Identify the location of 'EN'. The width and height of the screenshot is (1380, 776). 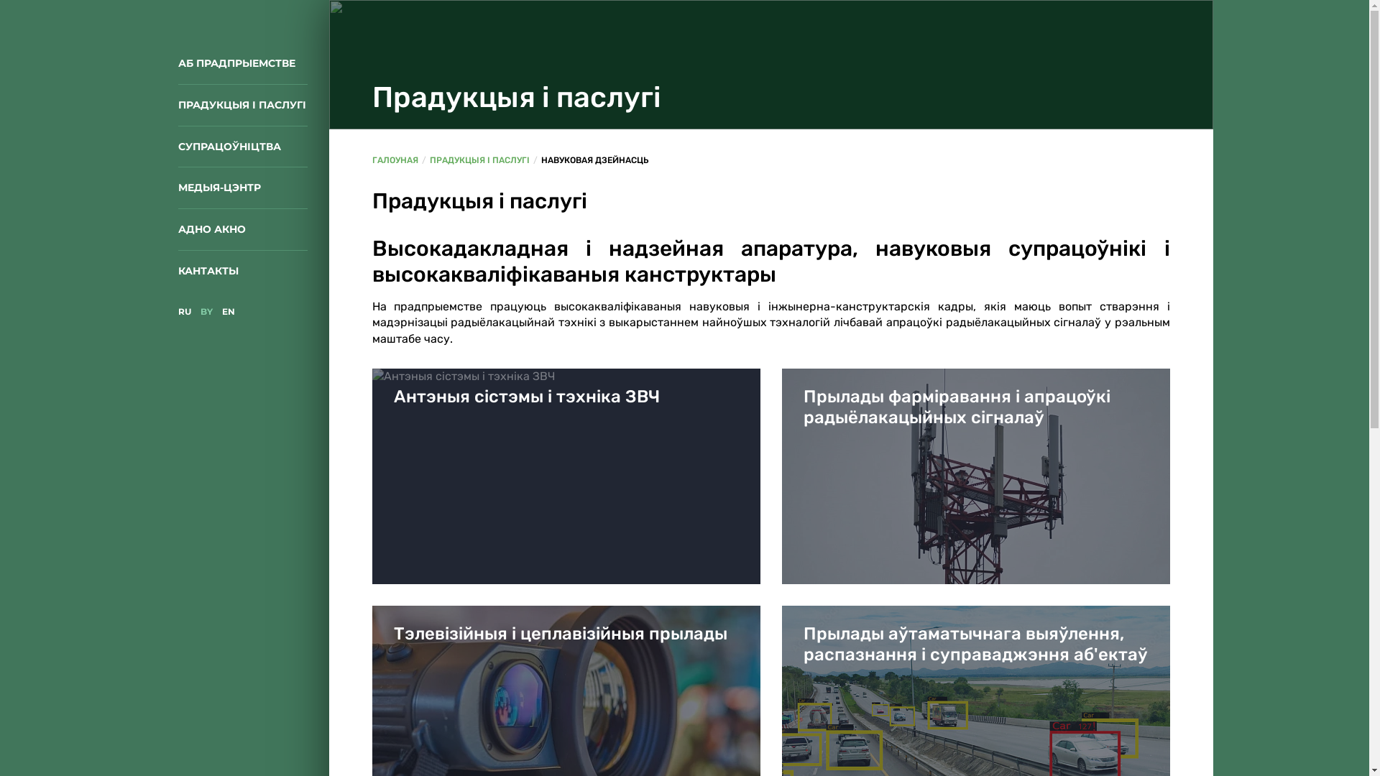
(226, 310).